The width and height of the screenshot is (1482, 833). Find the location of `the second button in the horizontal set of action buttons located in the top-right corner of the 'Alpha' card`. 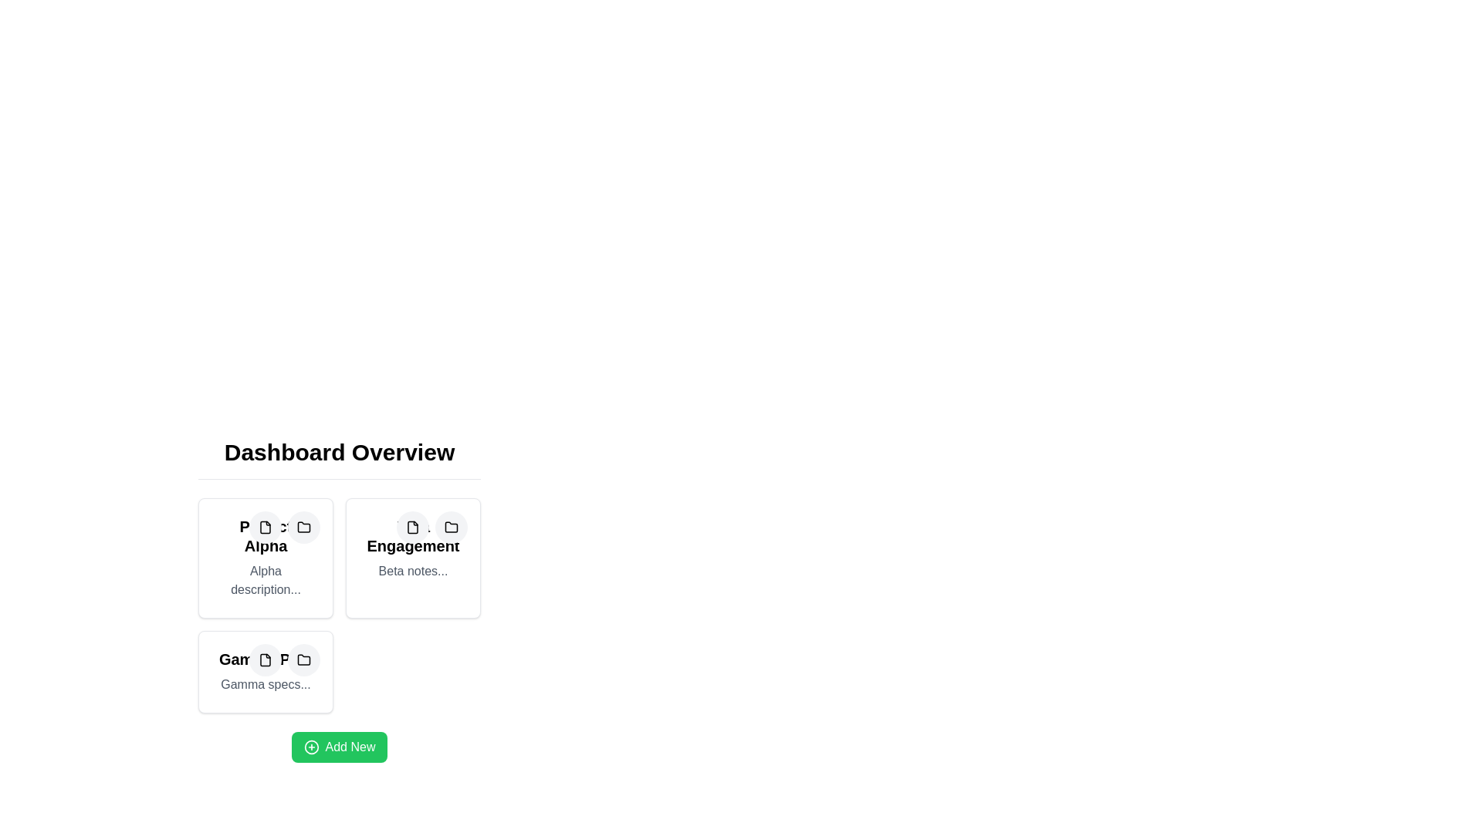

the second button in the horizontal set of action buttons located in the top-right corner of the 'Alpha' card is located at coordinates (303, 526).